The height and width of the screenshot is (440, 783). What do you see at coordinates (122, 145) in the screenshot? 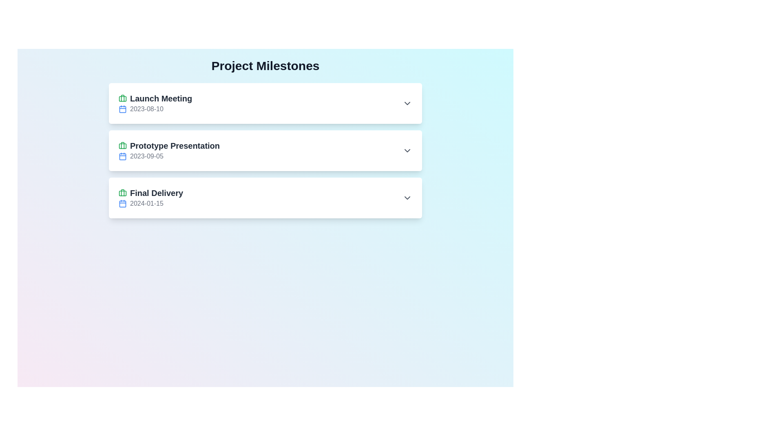
I see `the leftmost vertical bar of the briefcase icon located to the left of the 'Launch Meeting' milestone in the project milestones component` at bounding box center [122, 145].